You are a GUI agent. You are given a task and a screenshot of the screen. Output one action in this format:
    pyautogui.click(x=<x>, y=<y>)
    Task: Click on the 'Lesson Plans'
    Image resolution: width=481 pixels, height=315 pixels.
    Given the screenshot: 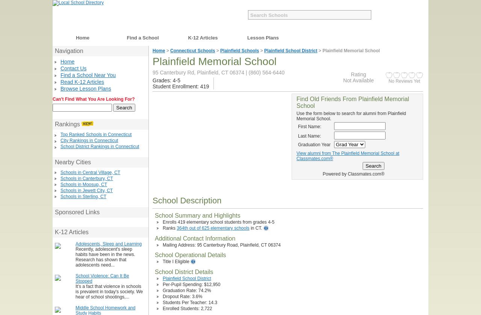 What is the action you would take?
    pyautogui.click(x=247, y=38)
    